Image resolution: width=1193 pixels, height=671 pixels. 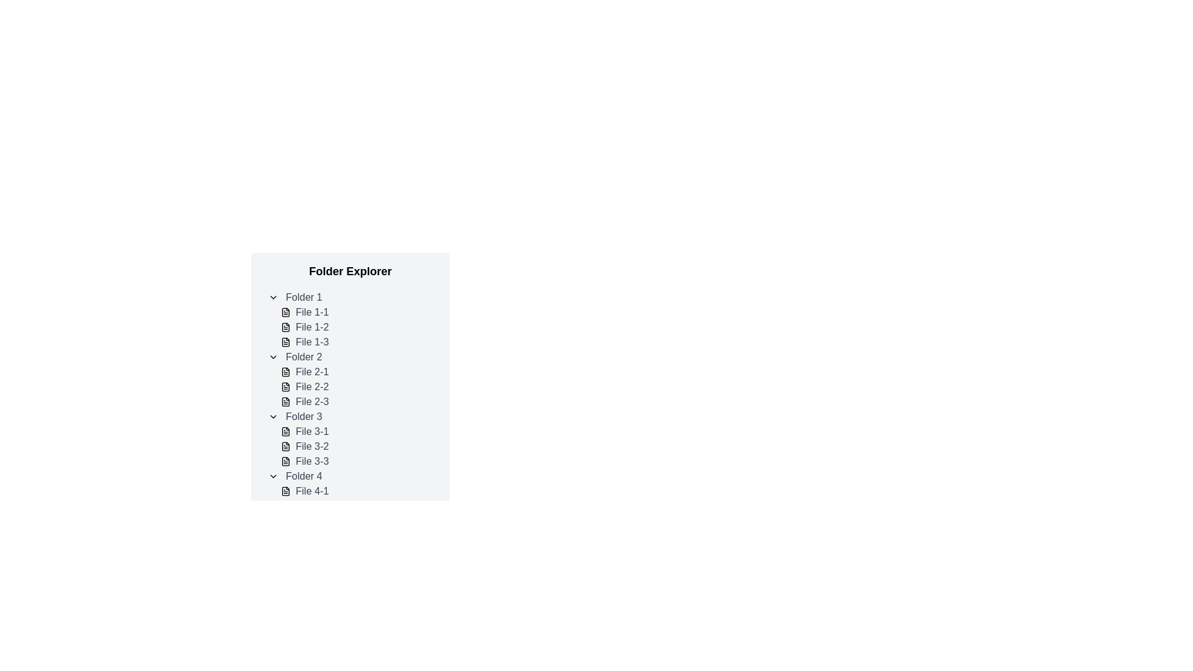 I want to click on the document icon representing 'File 2-3' located under 'Folder 2' in the file explorer interface, so click(x=285, y=402).